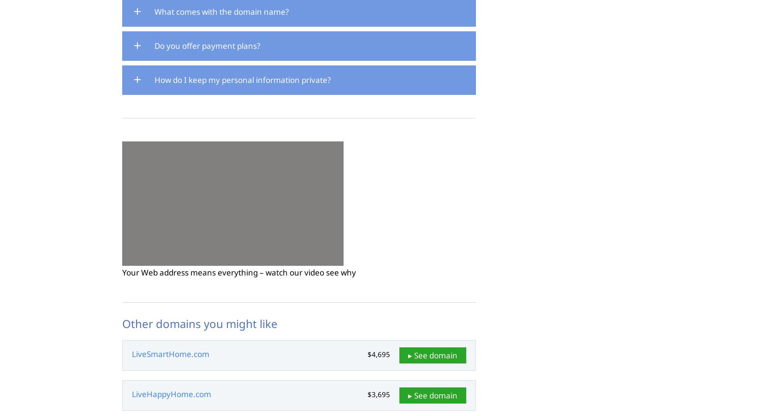 The height and width of the screenshot is (416, 784). Describe the element at coordinates (367, 394) in the screenshot. I see `'$3,695'` at that location.